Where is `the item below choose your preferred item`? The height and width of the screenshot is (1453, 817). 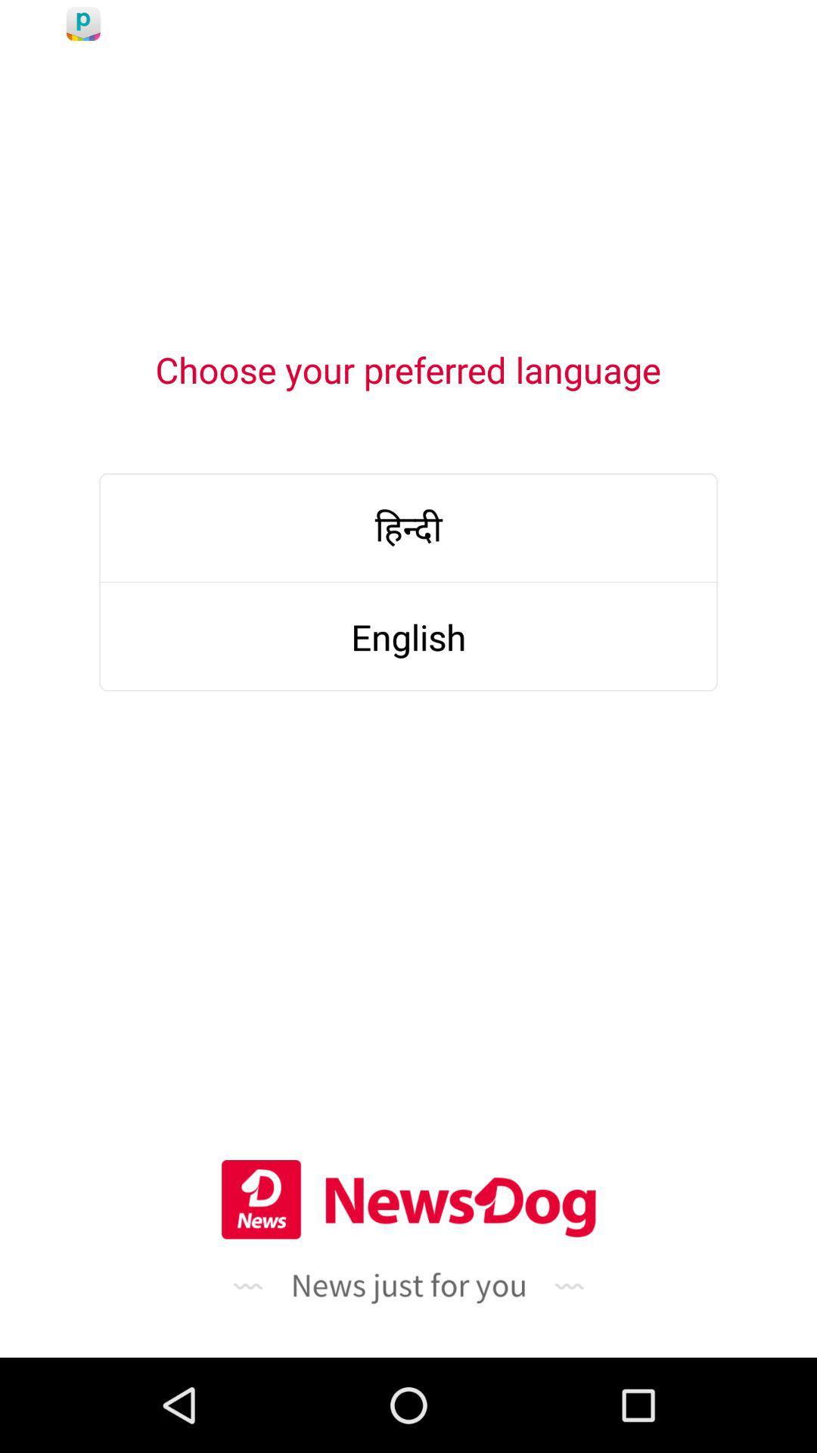
the item below choose your preferred item is located at coordinates (408, 527).